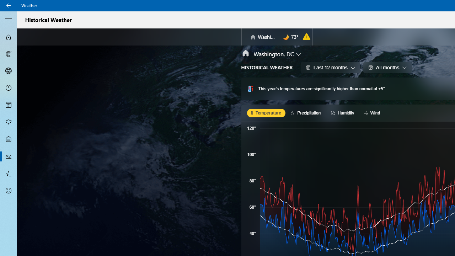  Describe the element at coordinates (9, 190) in the screenshot. I see `'Send Feedback - Not Selected'` at that location.